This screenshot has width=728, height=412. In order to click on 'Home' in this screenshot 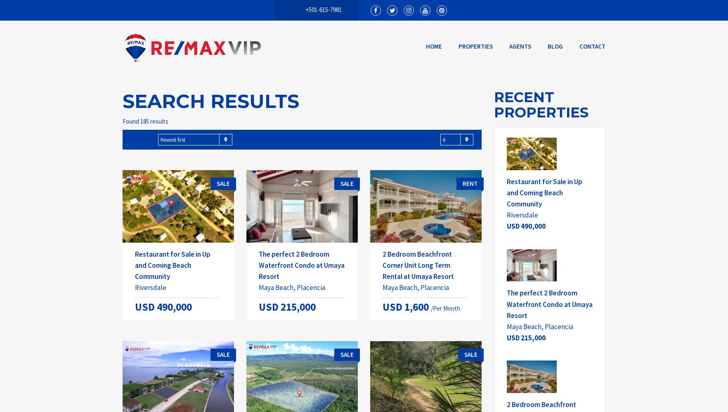, I will do `click(434, 46)`.